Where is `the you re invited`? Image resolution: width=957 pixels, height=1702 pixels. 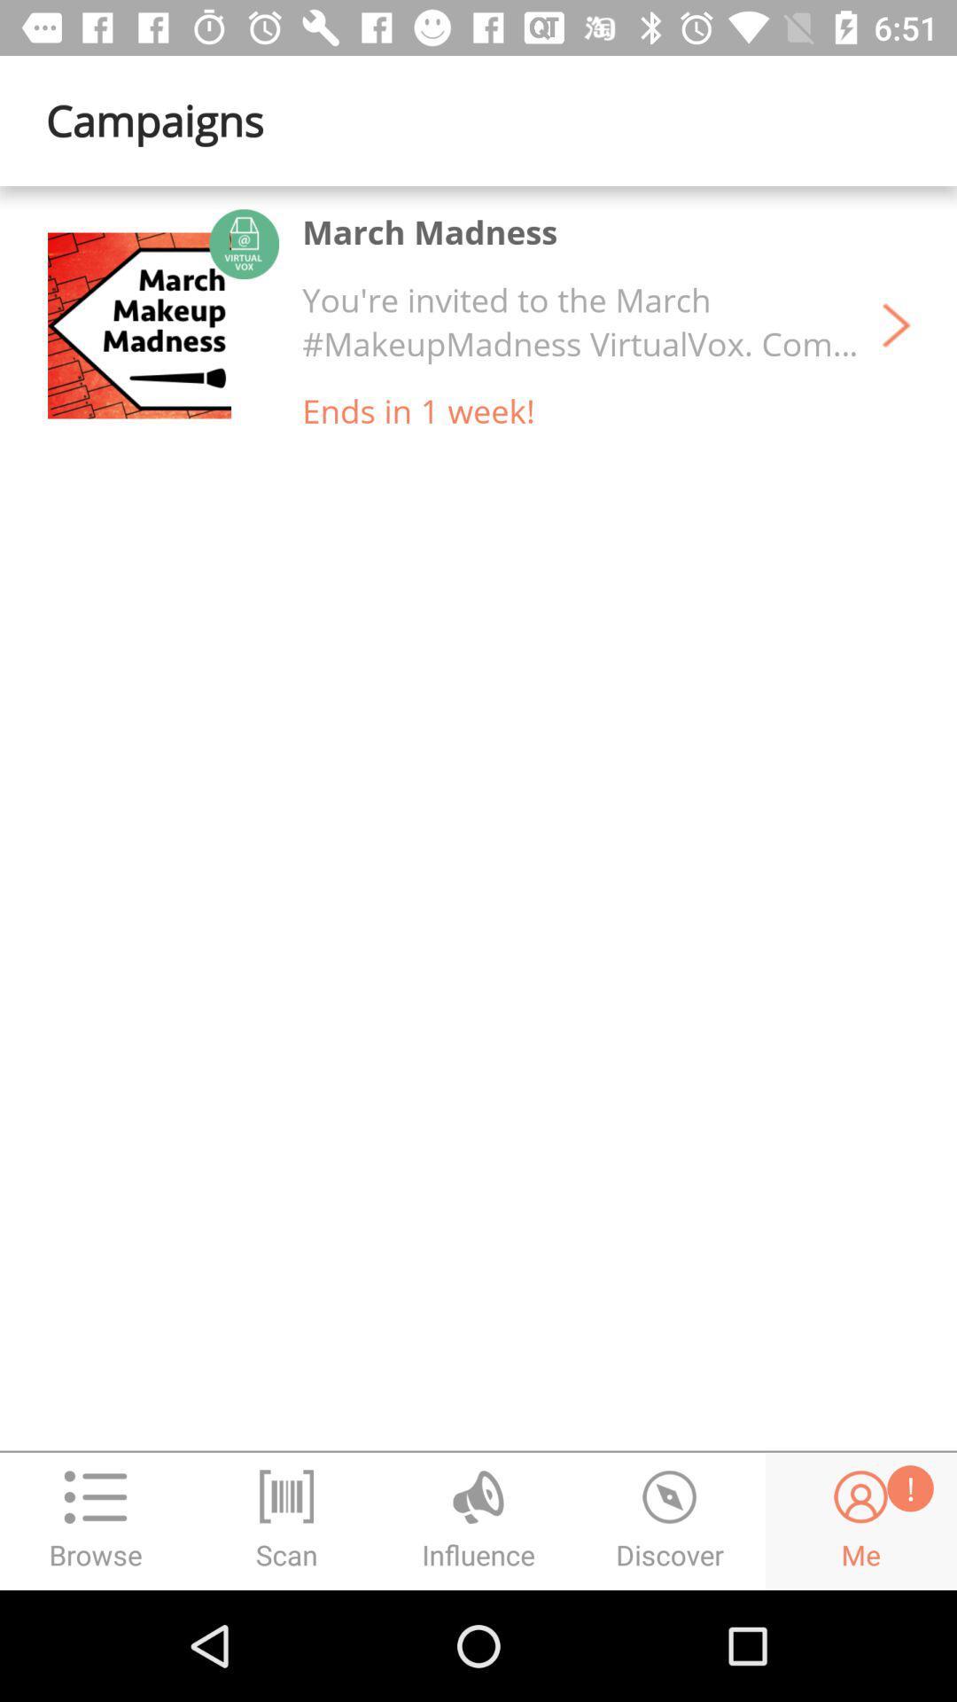 the you re invited is located at coordinates (580, 322).